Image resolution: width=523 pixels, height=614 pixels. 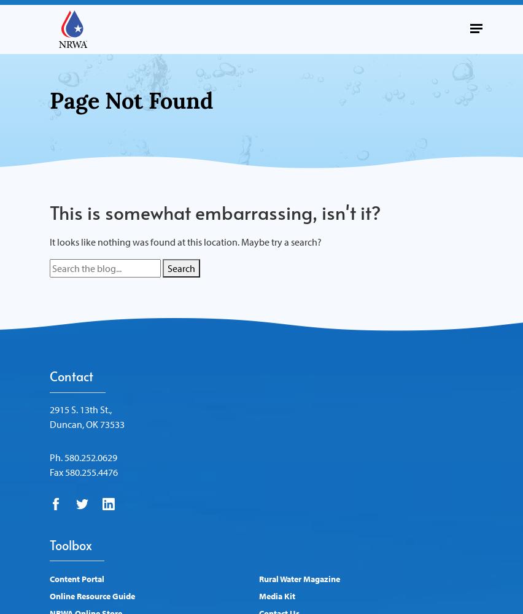 What do you see at coordinates (49, 376) in the screenshot?
I see `'Contact'` at bounding box center [49, 376].